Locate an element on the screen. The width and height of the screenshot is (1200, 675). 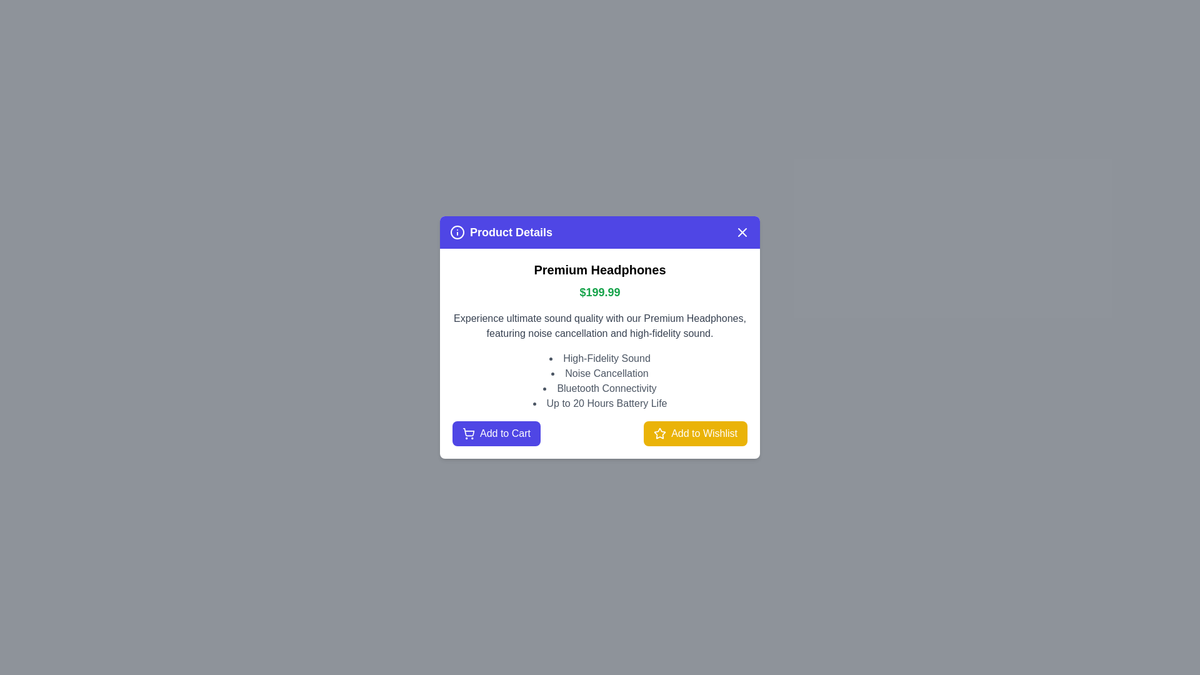
the text element Product Name for copying or selection is located at coordinates (600, 269).